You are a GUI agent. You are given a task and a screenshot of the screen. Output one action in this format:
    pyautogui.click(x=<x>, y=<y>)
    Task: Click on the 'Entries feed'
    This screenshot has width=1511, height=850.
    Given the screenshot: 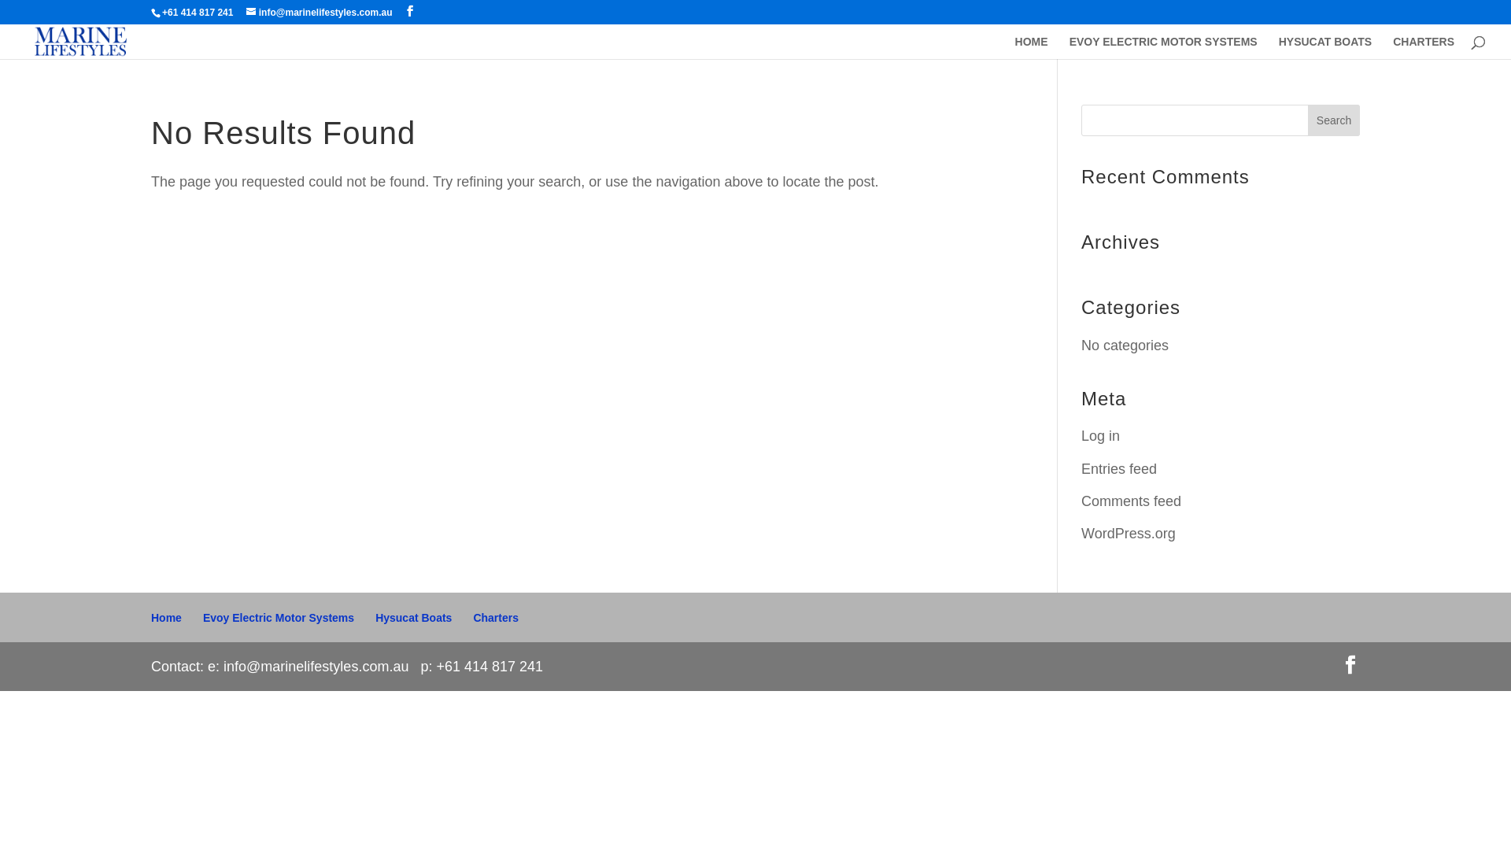 What is the action you would take?
    pyautogui.click(x=1118, y=468)
    